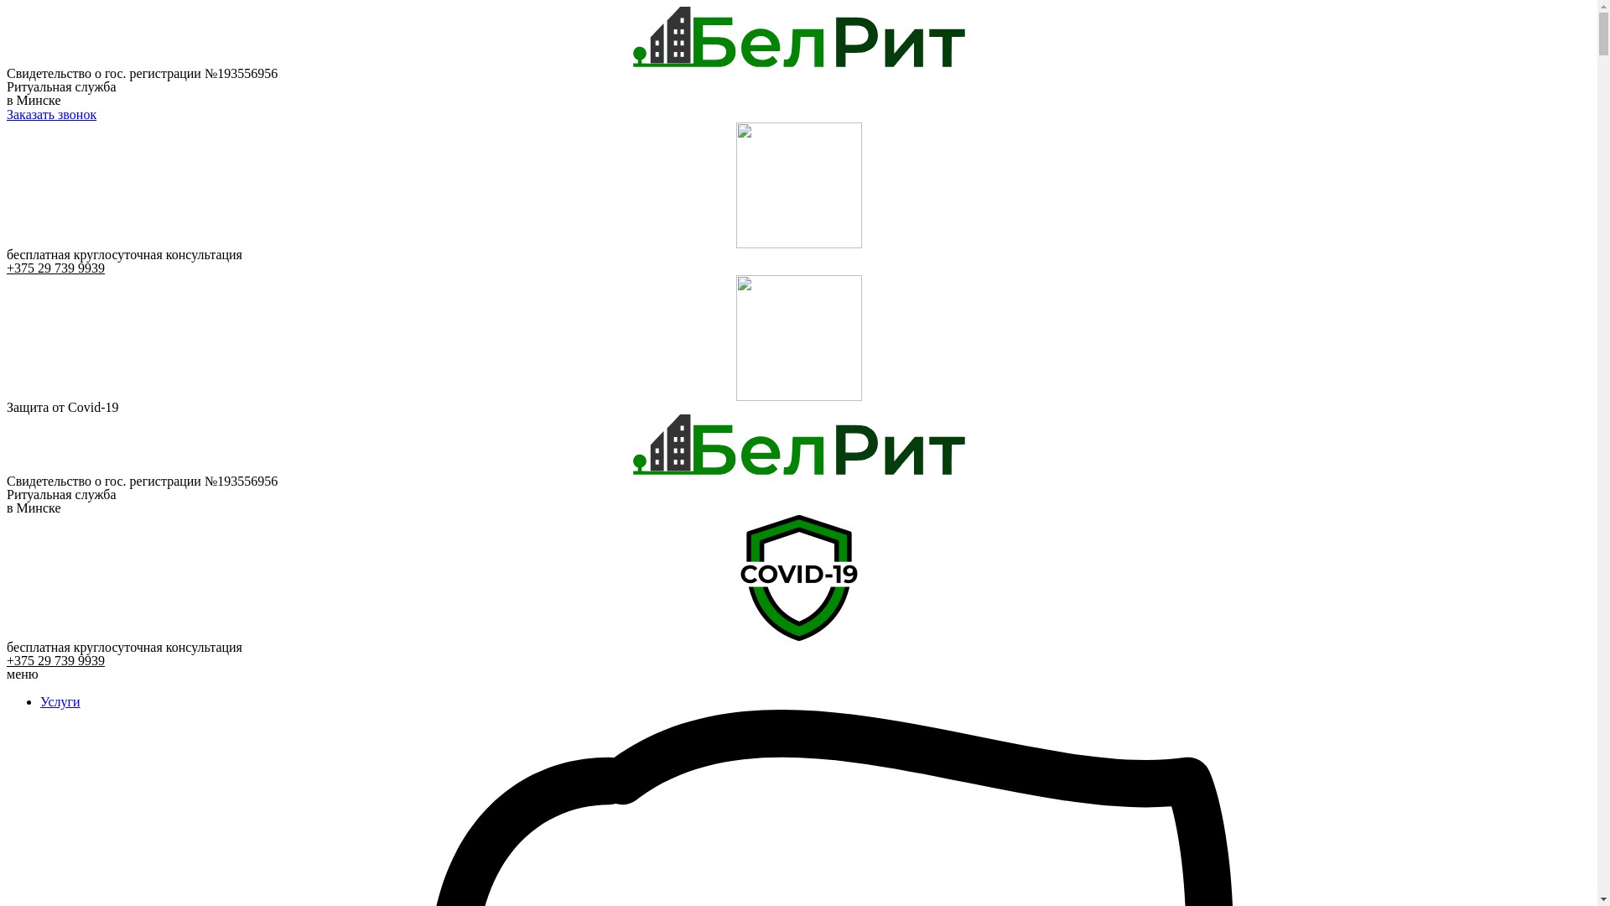  Describe the element at coordinates (55, 659) in the screenshot. I see `'+375 29 739 9939'` at that location.